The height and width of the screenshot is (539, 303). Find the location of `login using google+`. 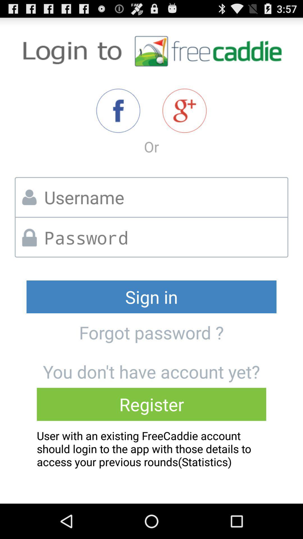

login using google+ is located at coordinates (184, 111).